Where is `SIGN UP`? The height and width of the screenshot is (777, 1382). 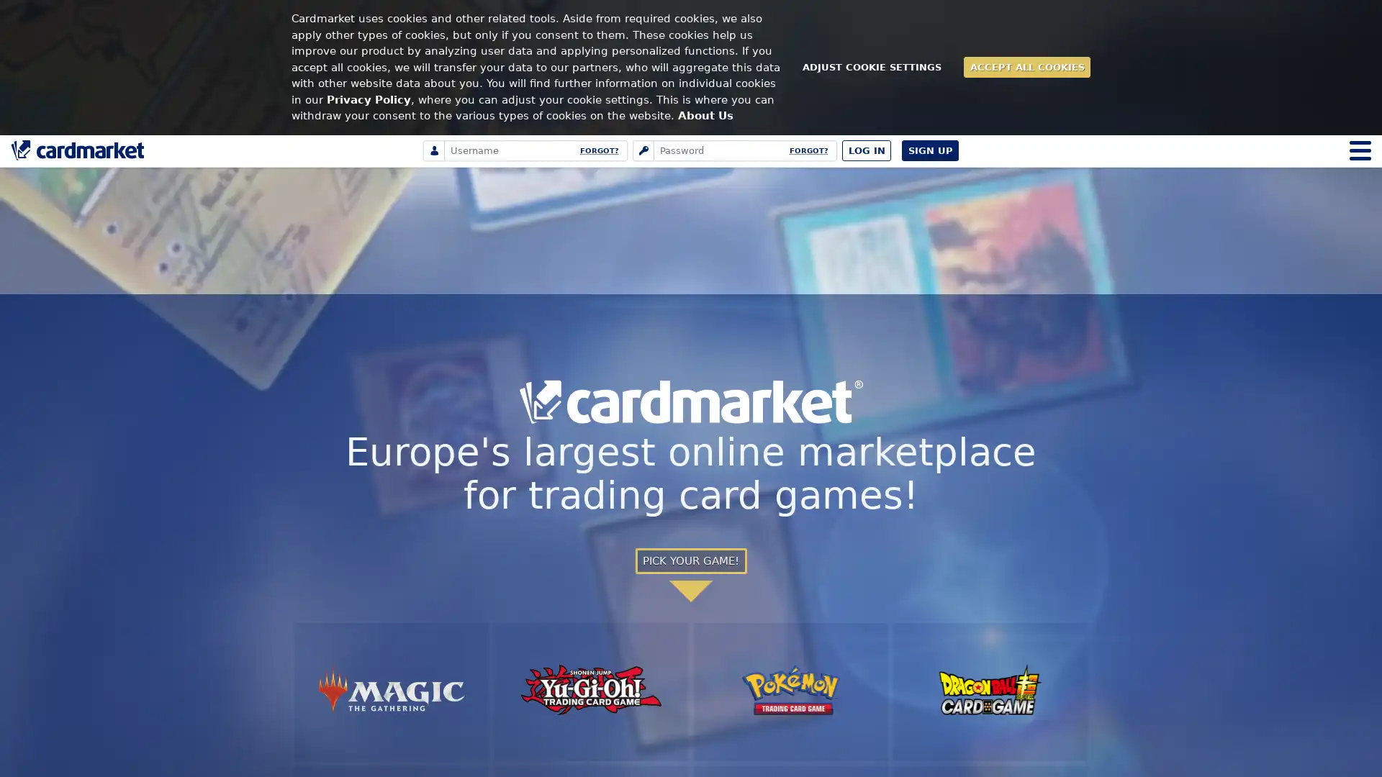
SIGN UP is located at coordinates (930, 150).